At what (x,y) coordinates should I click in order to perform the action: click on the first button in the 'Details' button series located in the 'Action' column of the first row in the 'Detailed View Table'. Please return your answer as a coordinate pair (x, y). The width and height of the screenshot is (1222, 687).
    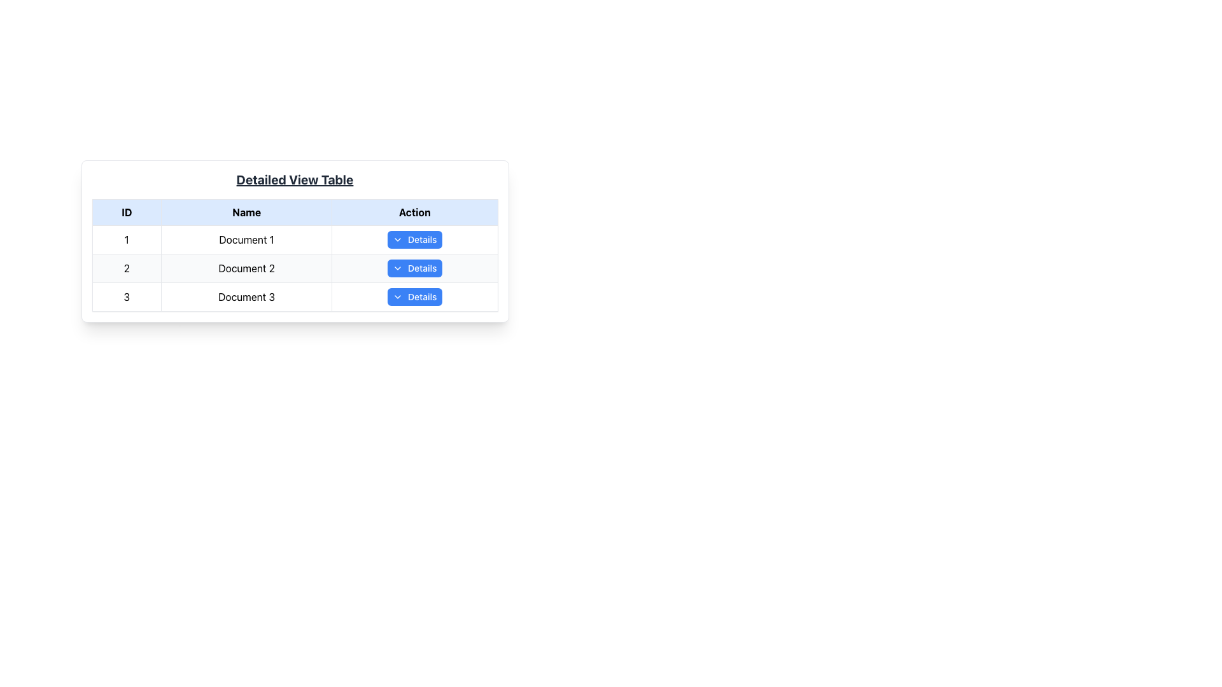
    Looking at the image, I should click on (414, 240).